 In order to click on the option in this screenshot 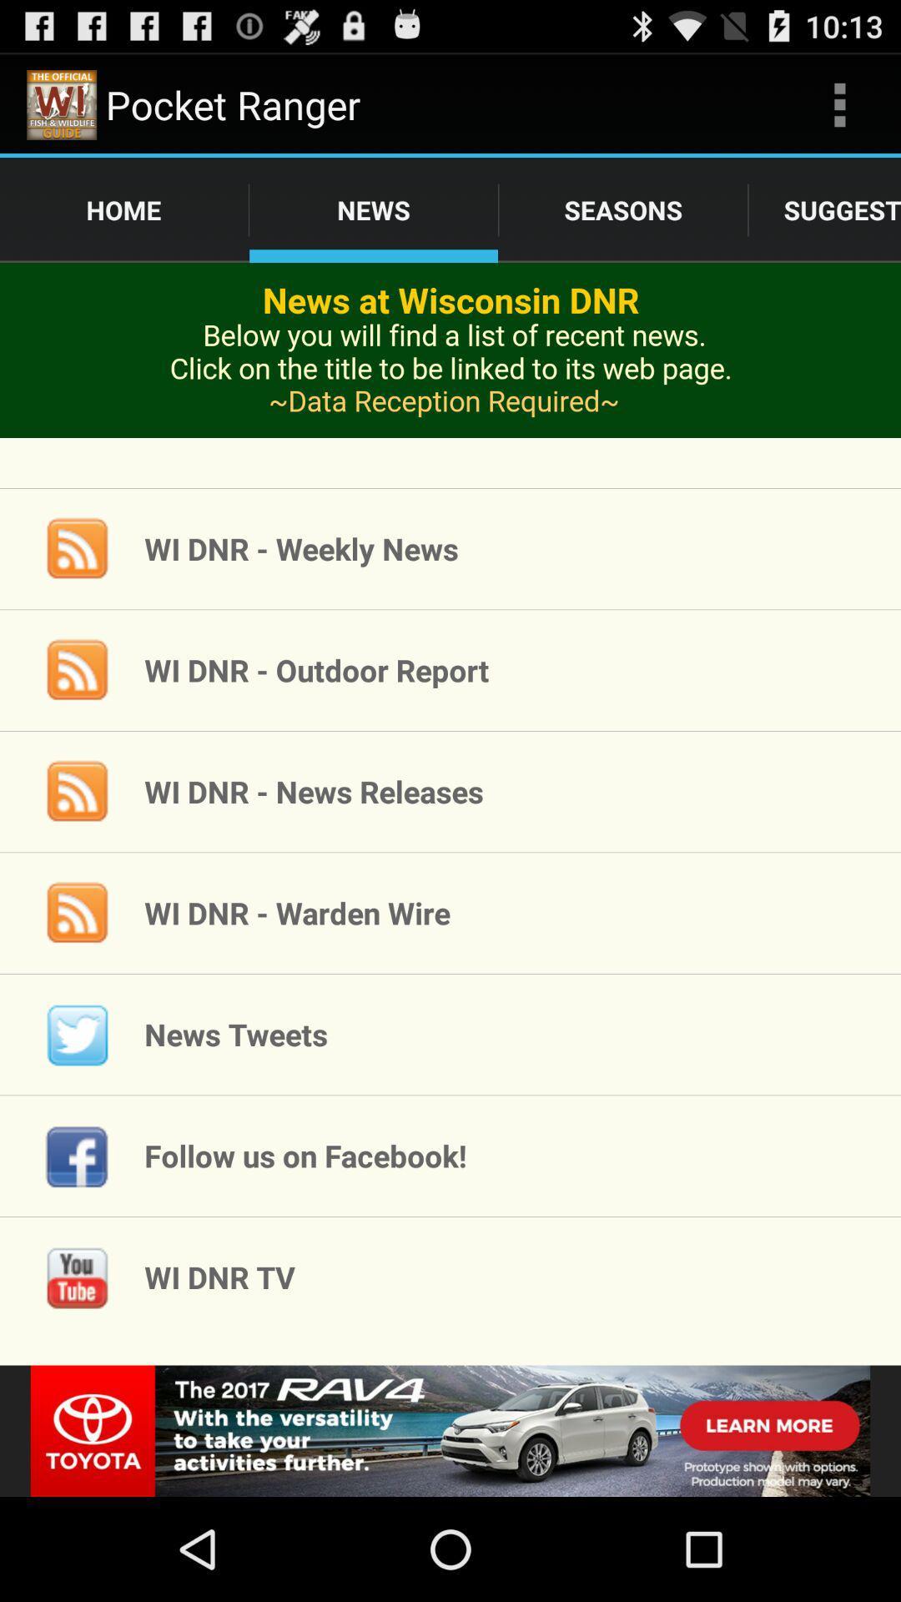, I will do `click(450, 1430)`.